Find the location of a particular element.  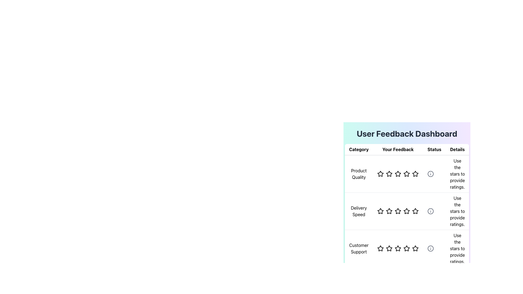

the fifth hollow star icon with a bold outline under the 'Customer Support' category in the 'Your Feedback' column to set a rating is located at coordinates (415, 248).